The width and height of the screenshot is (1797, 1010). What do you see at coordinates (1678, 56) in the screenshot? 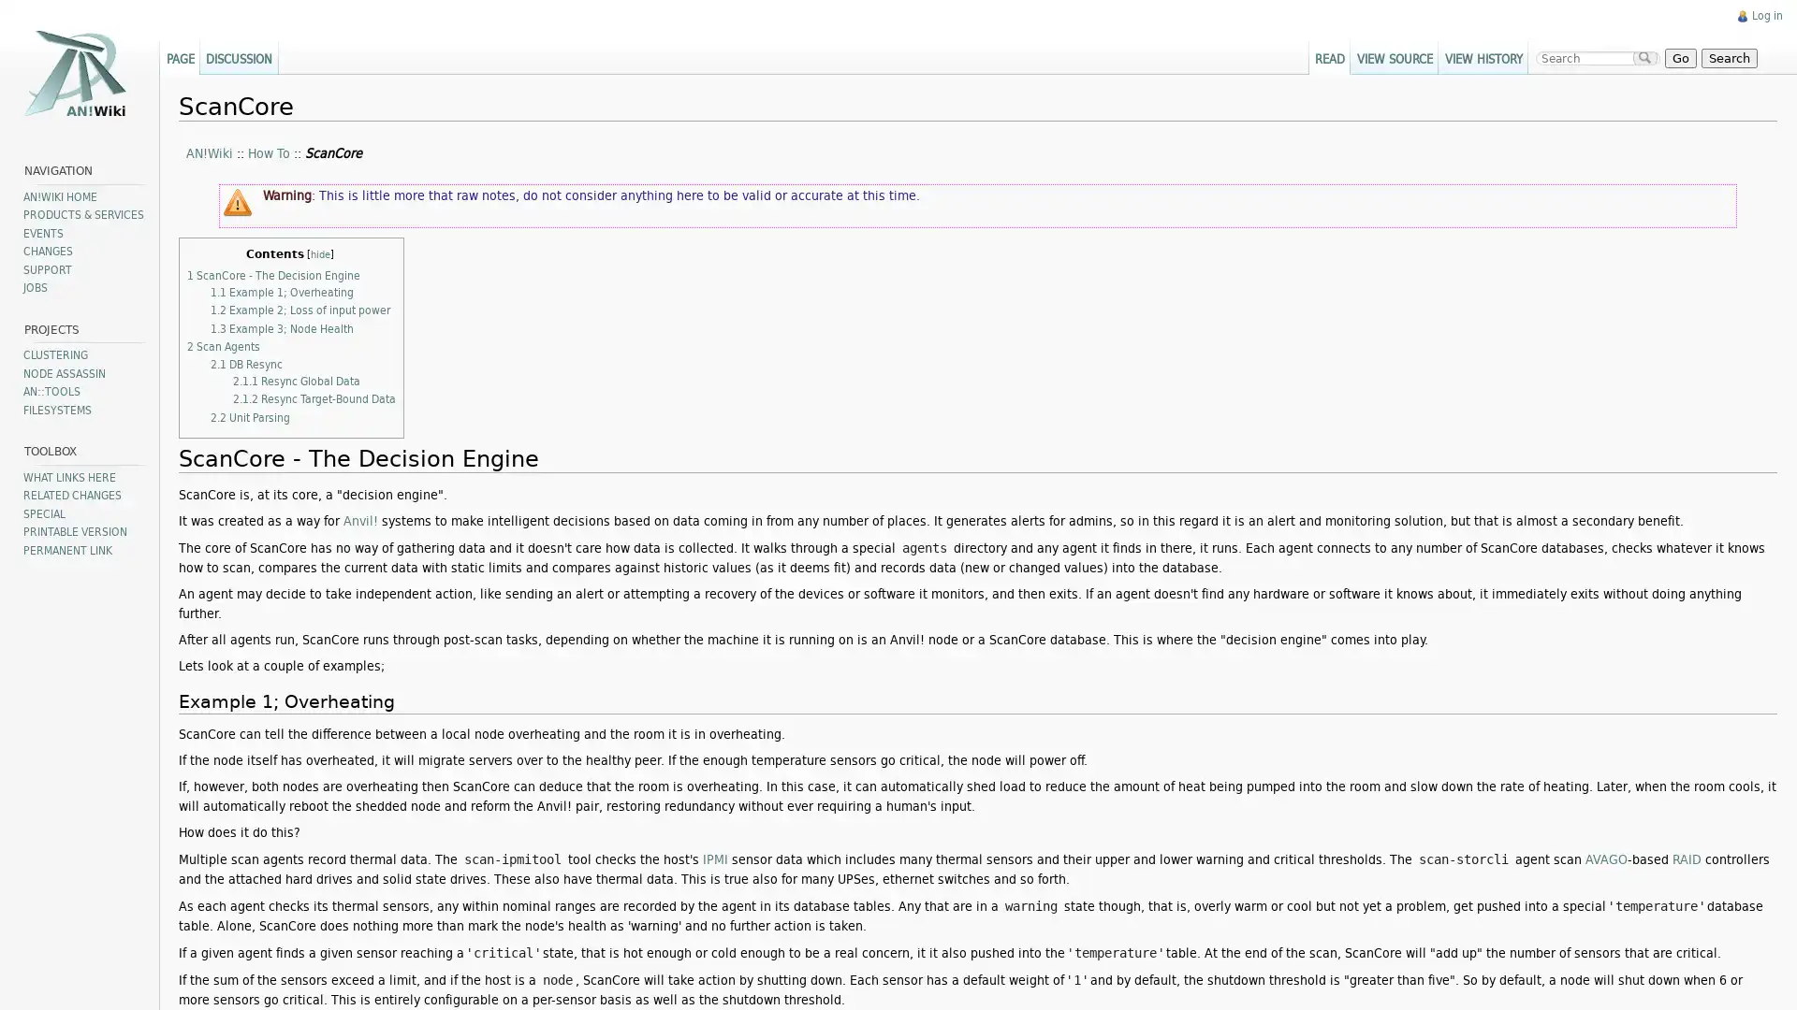
I see `Go` at bounding box center [1678, 56].